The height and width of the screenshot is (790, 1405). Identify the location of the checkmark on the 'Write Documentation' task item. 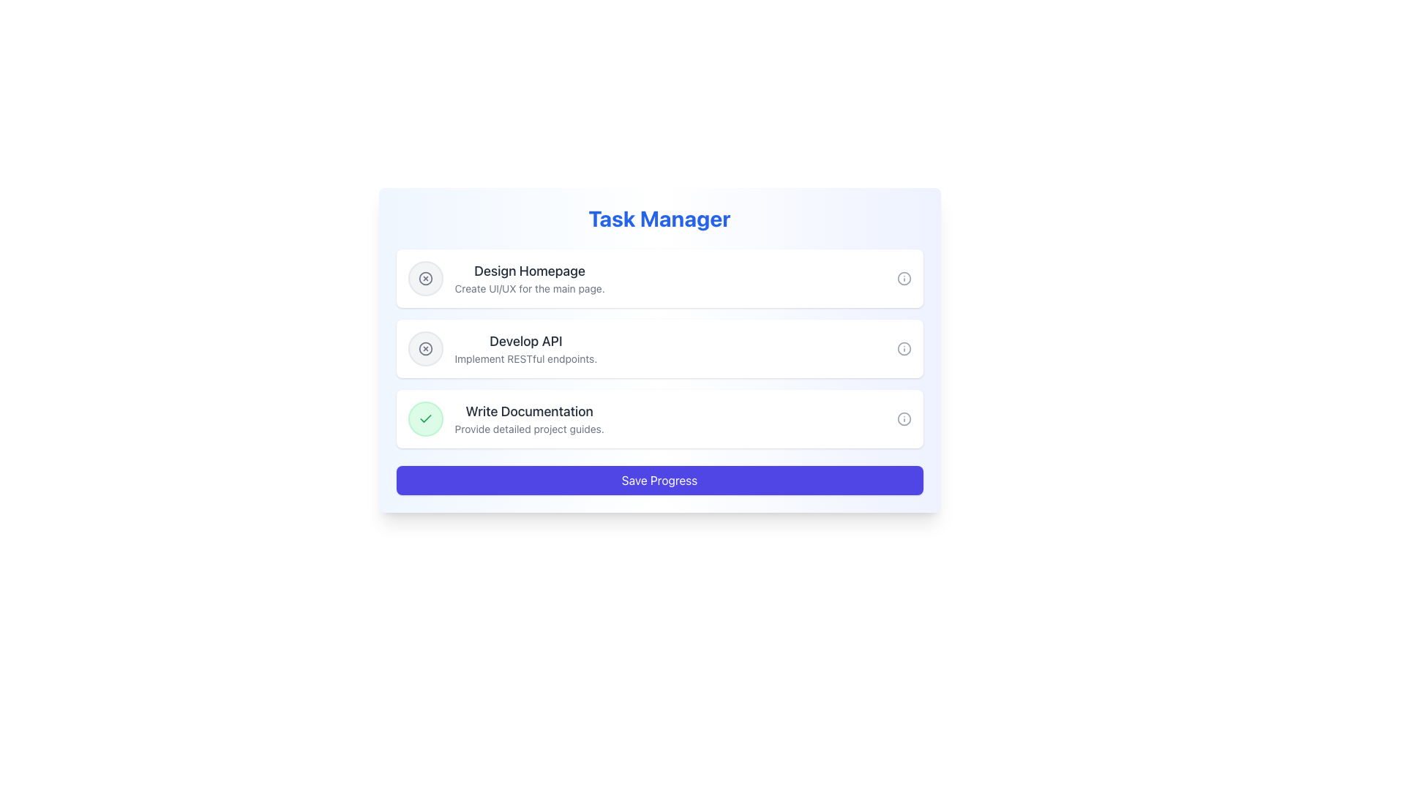
(659, 419).